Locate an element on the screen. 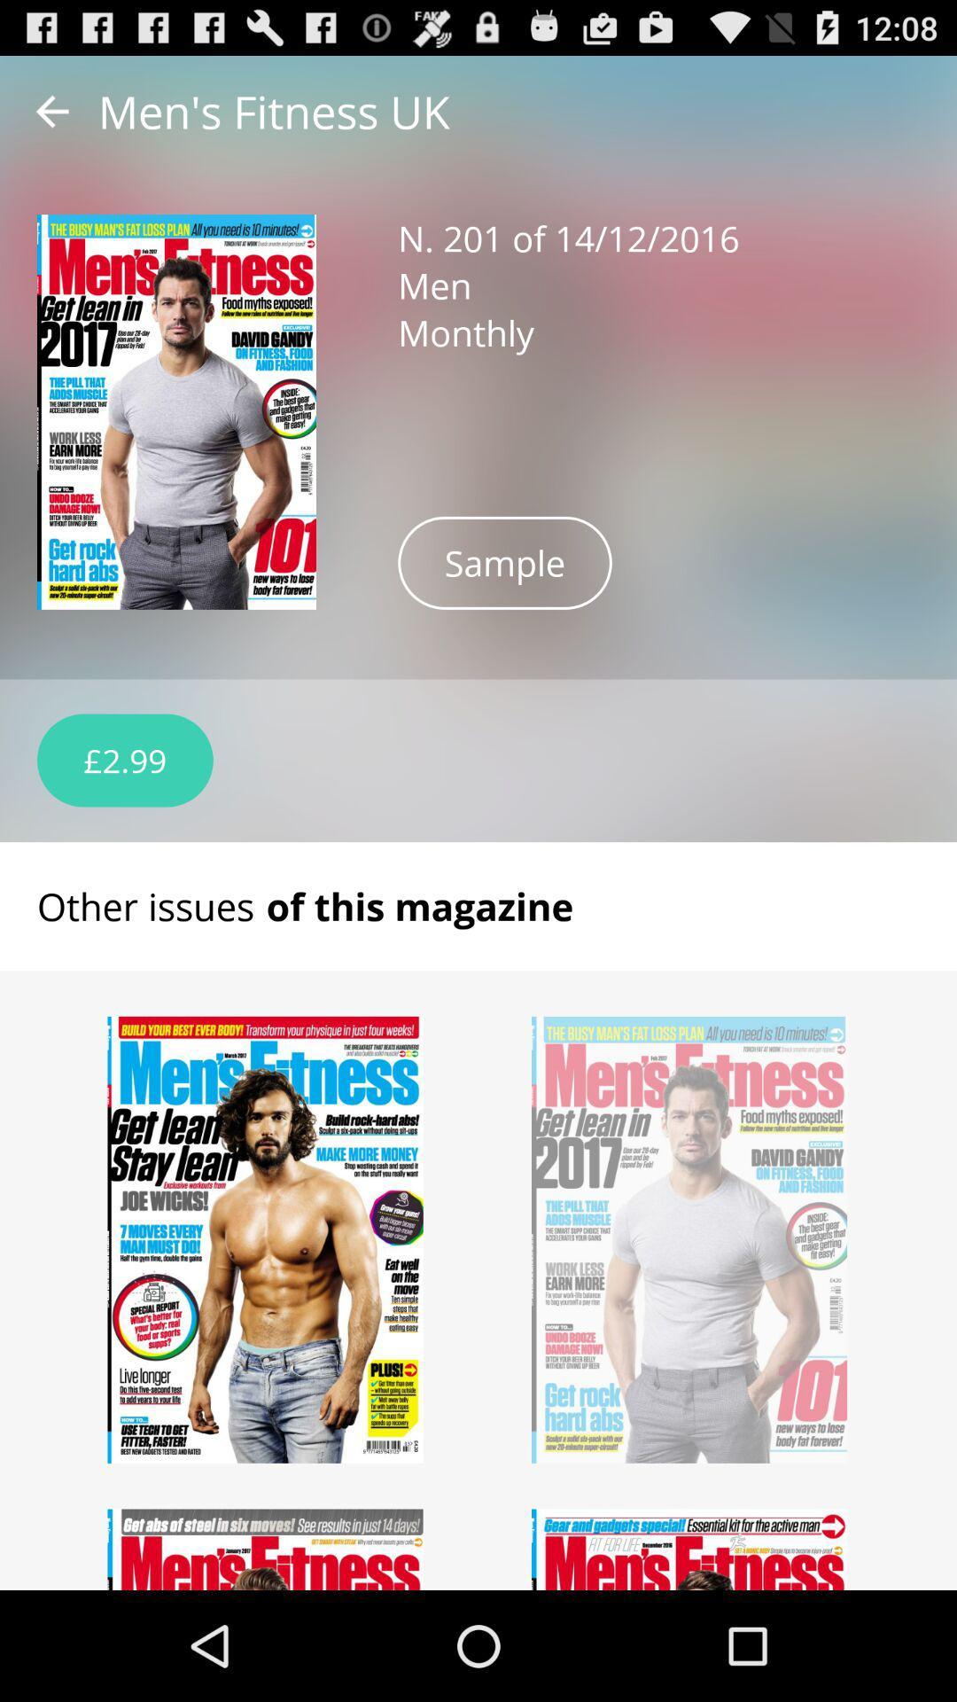 This screenshot has width=957, height=1702. another issue of this magazine is located at coordinates (266, 1238).